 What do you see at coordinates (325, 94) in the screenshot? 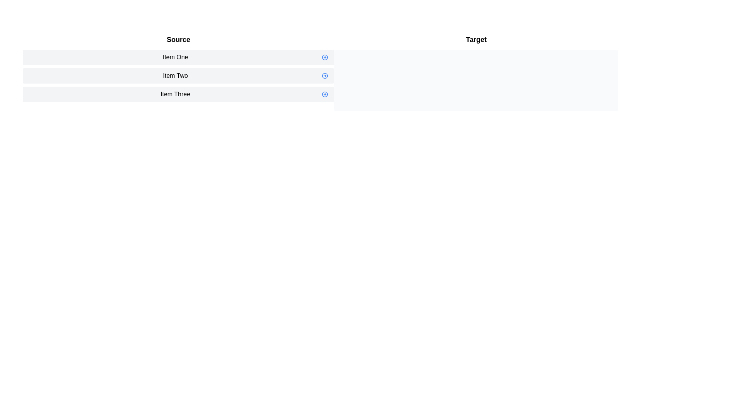
I see `the button associated with the 'Item Three' label` at bounding box center [325, 94].